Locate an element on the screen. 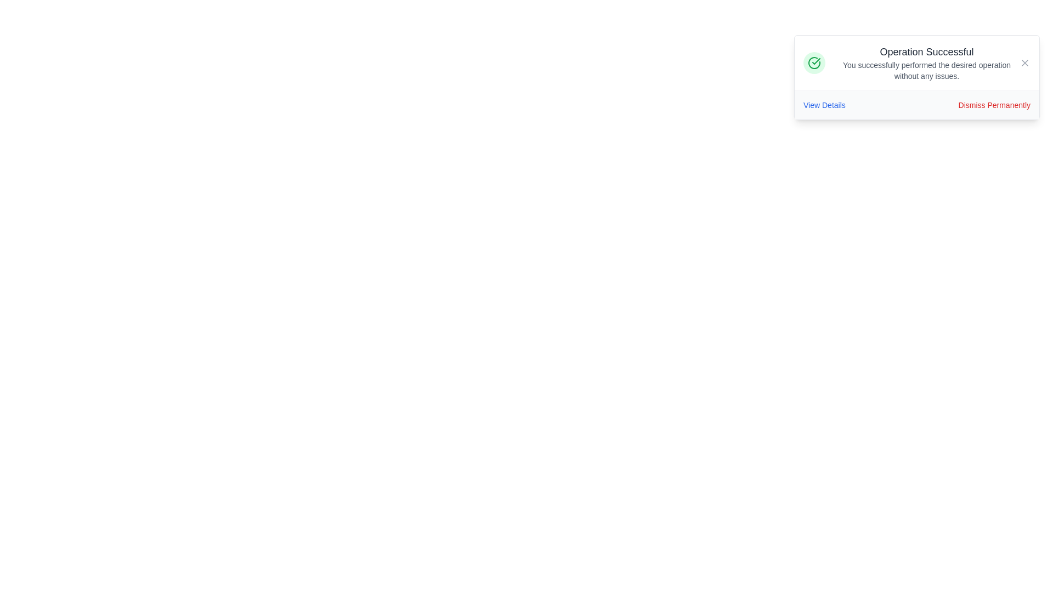 The image size is (1053, 592). the descriptive message text located at the bottom of the notification card, which provides additional information about the successful operation under the title 'Operation Successful' is located at coordinates (926, 70).